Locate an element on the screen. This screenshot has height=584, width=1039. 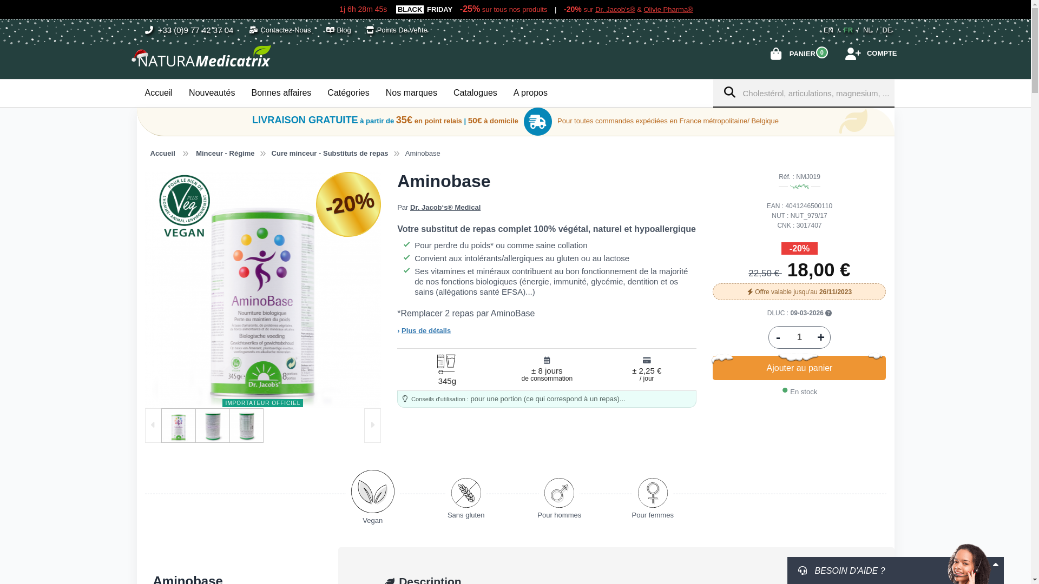
'EN' is located at coordinates (828, 30).